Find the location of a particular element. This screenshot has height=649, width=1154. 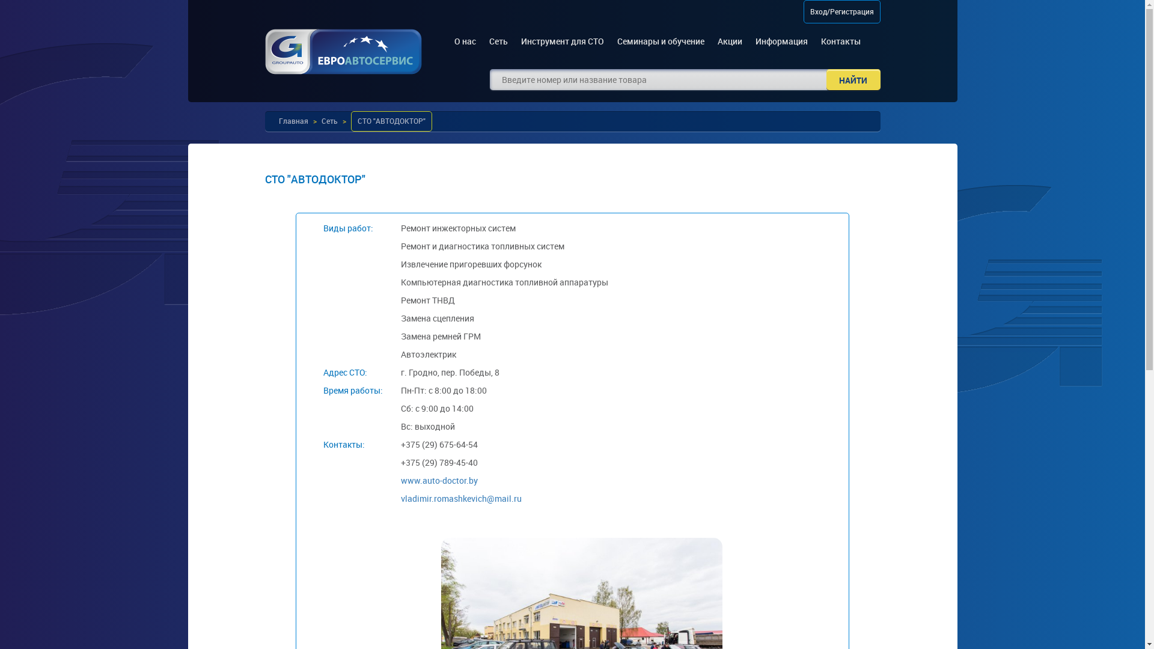

'www.auto-doctor.by' is located at coordinates (401, 480).